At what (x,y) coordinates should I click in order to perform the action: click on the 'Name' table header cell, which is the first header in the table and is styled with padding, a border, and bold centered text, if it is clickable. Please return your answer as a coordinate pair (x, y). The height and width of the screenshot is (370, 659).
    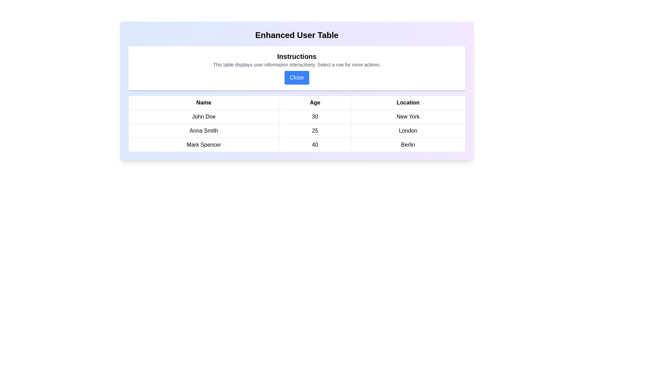
    Looking at the image, I should click on (203, 103).